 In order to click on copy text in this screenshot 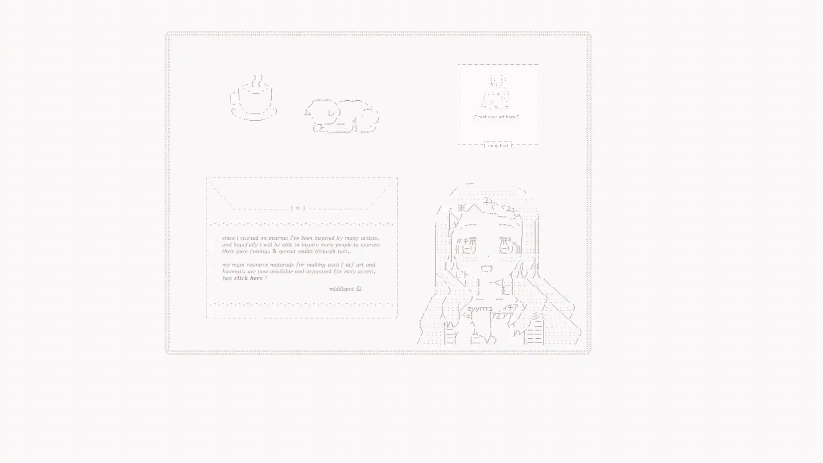, I will do `click(415, 121)`.